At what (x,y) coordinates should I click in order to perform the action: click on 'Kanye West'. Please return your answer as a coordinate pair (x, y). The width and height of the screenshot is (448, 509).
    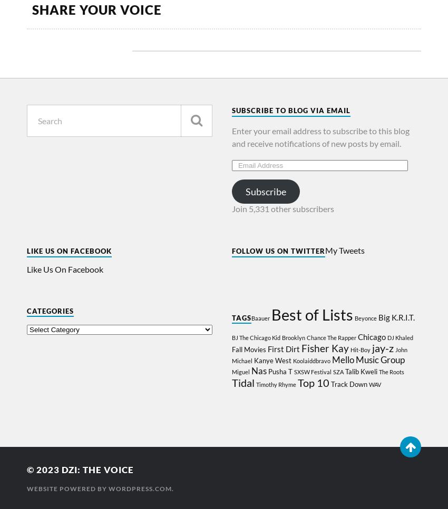
    Looking at the image, I should click on (271, 361).